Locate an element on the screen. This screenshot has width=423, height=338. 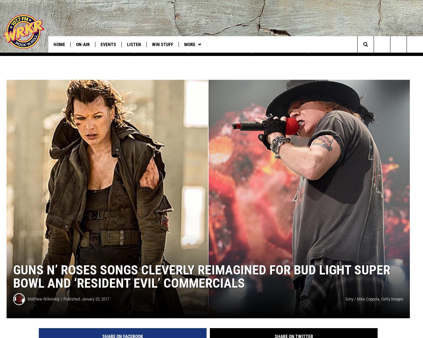
'On-Air' is located at coordinates (83, 44).